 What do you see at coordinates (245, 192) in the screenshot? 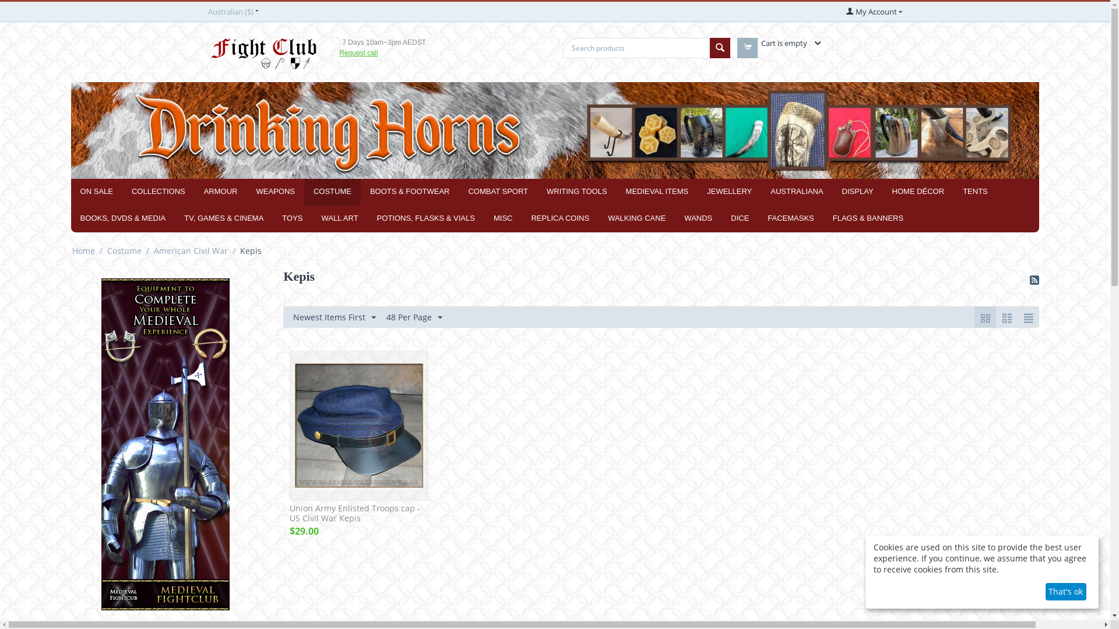
I see `'WEAPONS'` at bounding box center [245, 192].